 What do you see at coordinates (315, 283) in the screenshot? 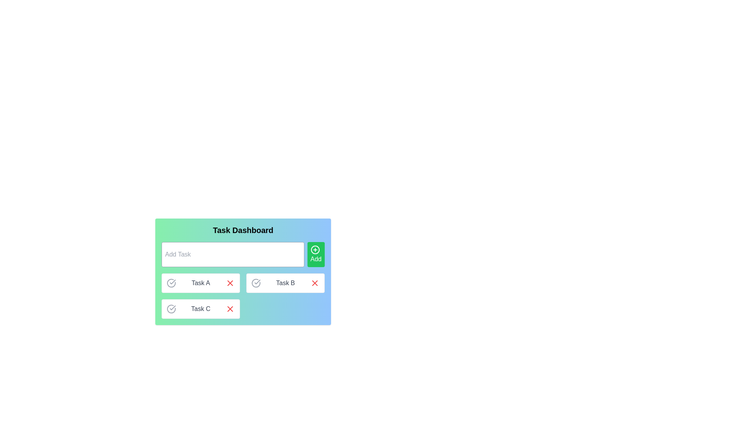
I see `the delete button for 'Task B' located in the task list area of the Task Dashboard` at bounding box center [315, 283].